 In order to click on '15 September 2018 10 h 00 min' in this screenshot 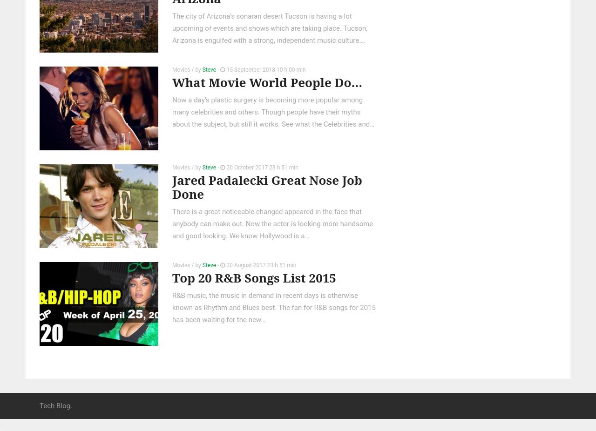, I will do `click(264, 68)`.